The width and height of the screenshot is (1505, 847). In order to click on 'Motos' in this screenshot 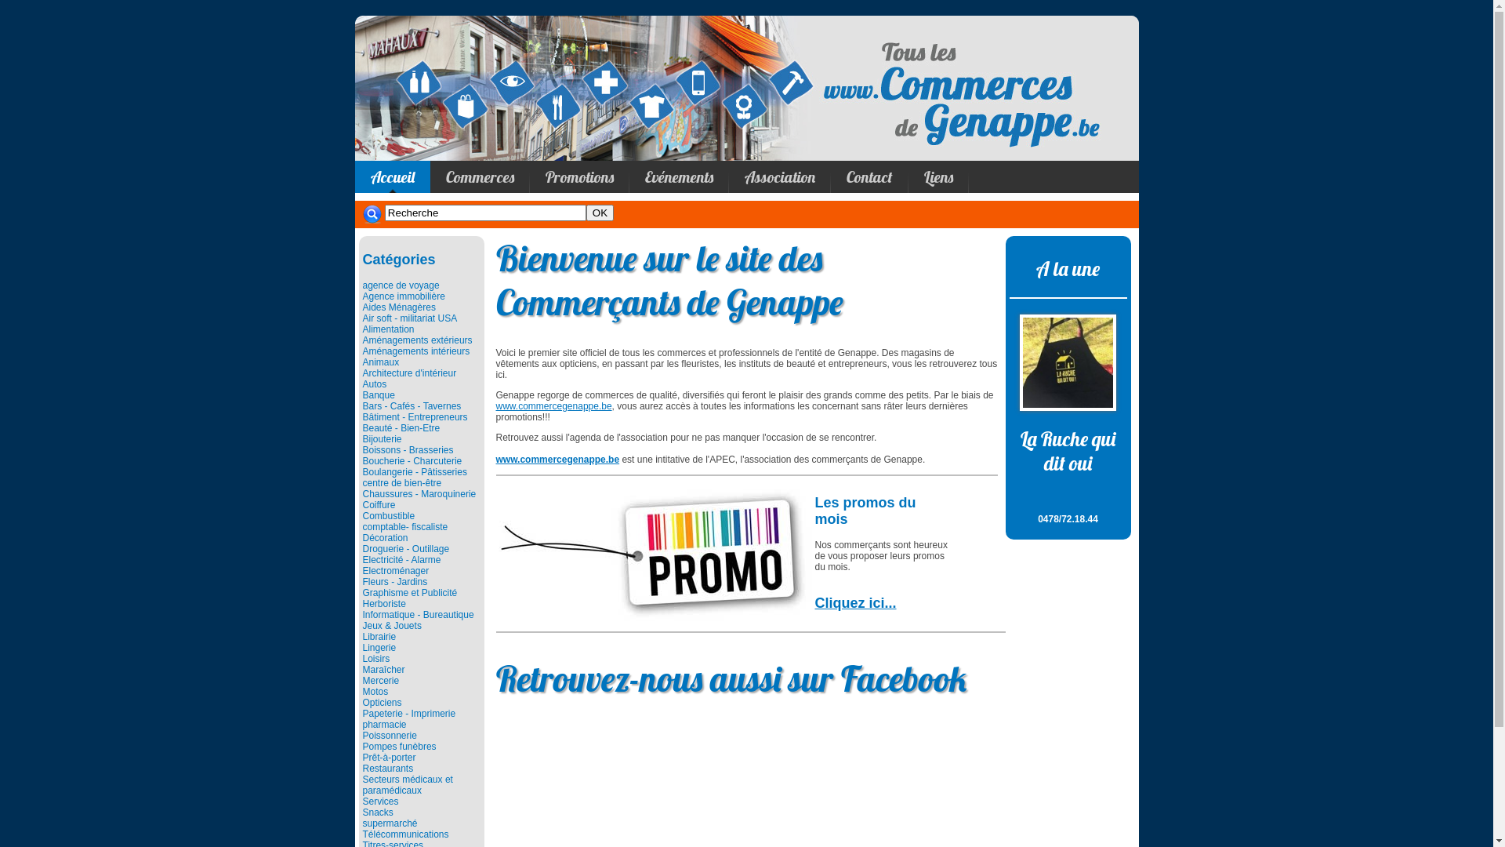, I will do `click(374, 691)`.